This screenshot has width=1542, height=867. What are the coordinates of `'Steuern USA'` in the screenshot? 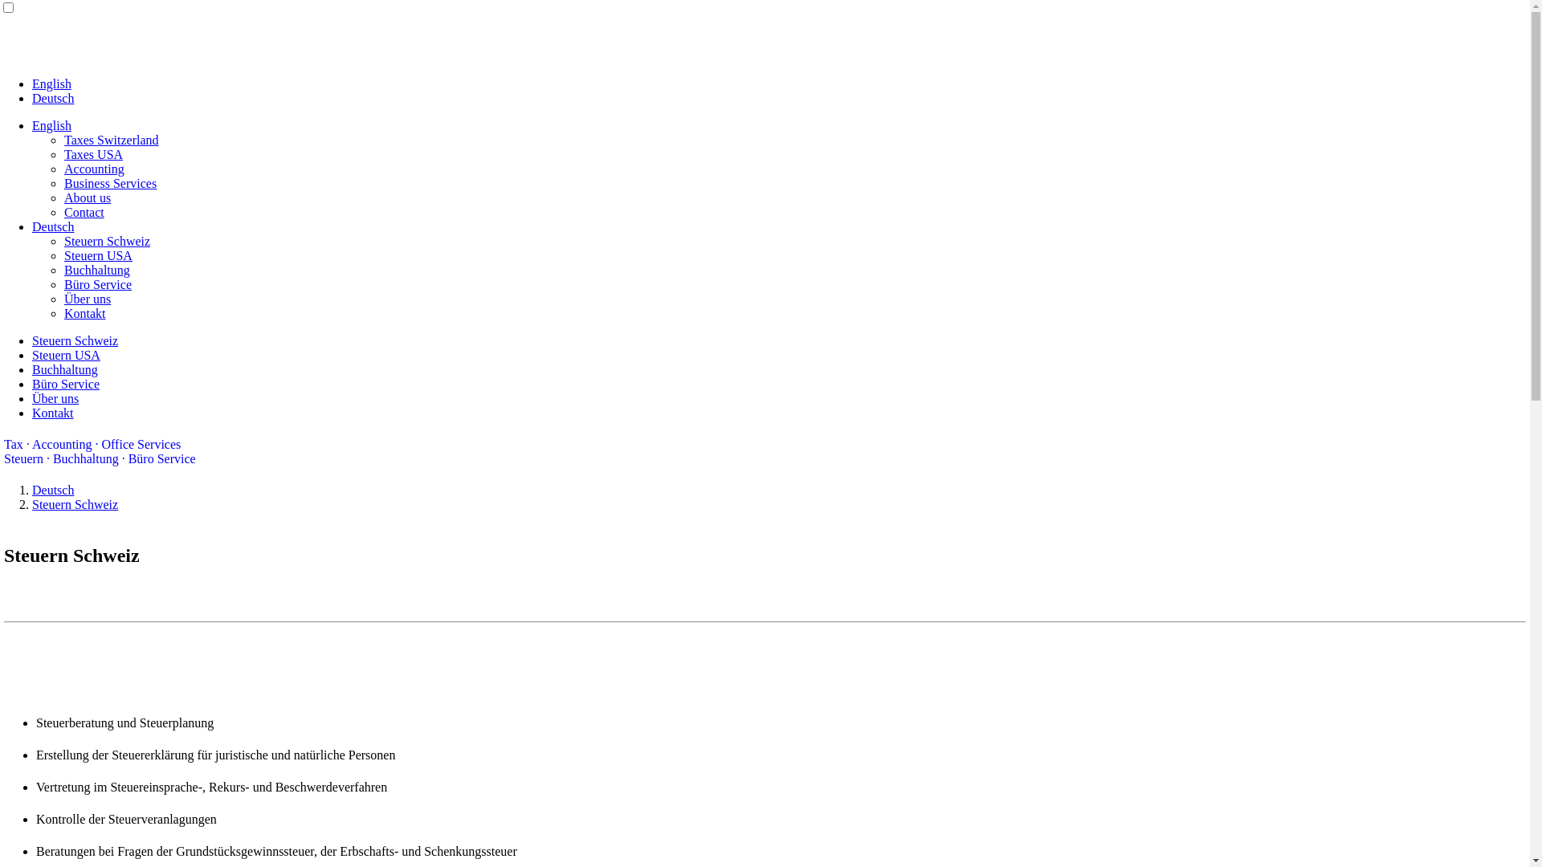 It's located at (65, 354).